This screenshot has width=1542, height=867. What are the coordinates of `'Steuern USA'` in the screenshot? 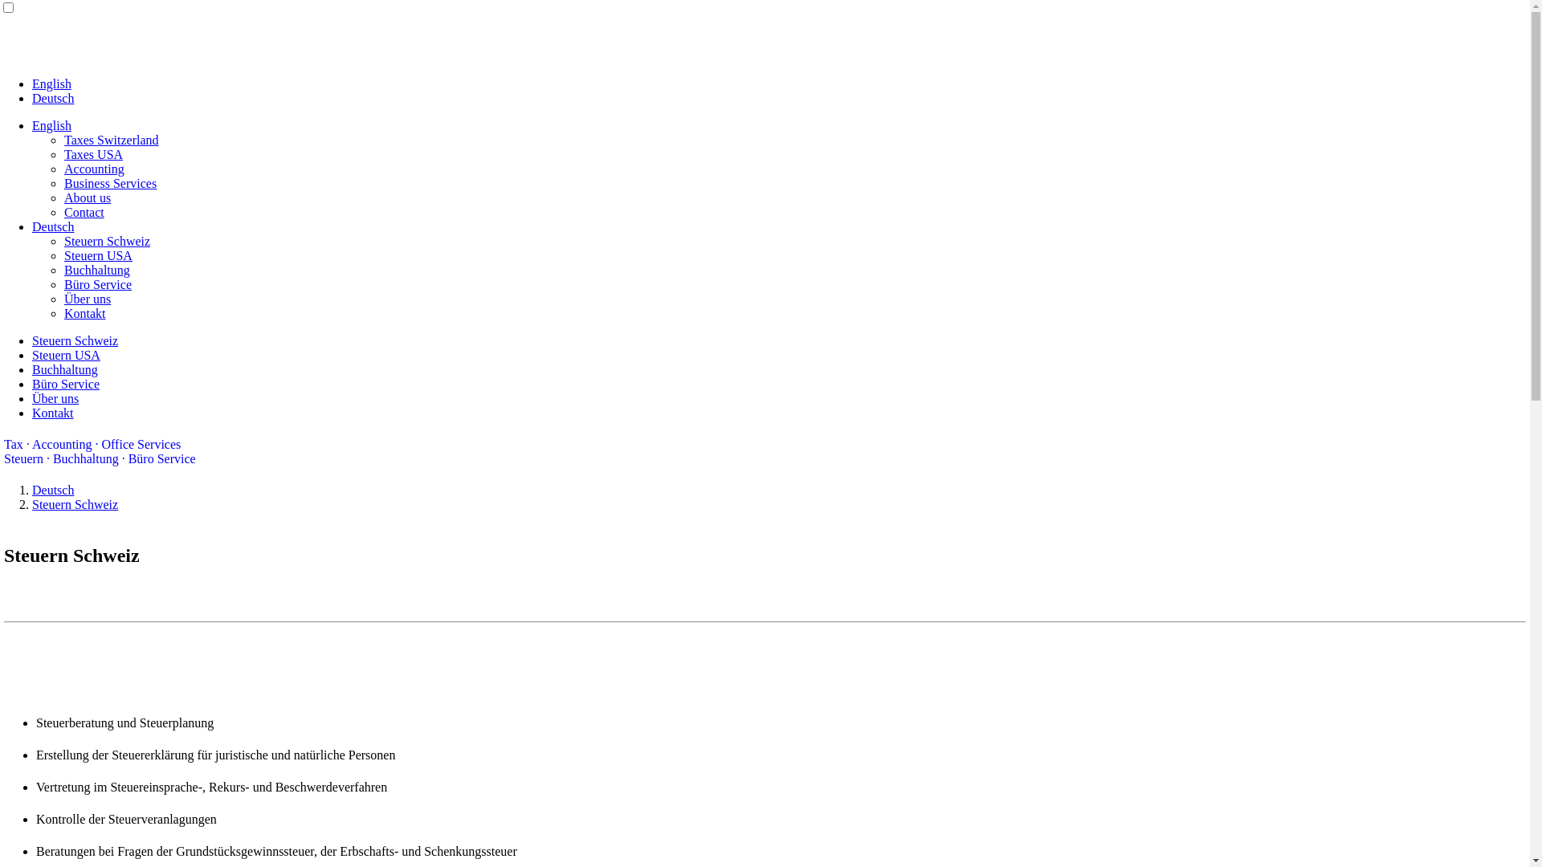 It's located at (65, 354).